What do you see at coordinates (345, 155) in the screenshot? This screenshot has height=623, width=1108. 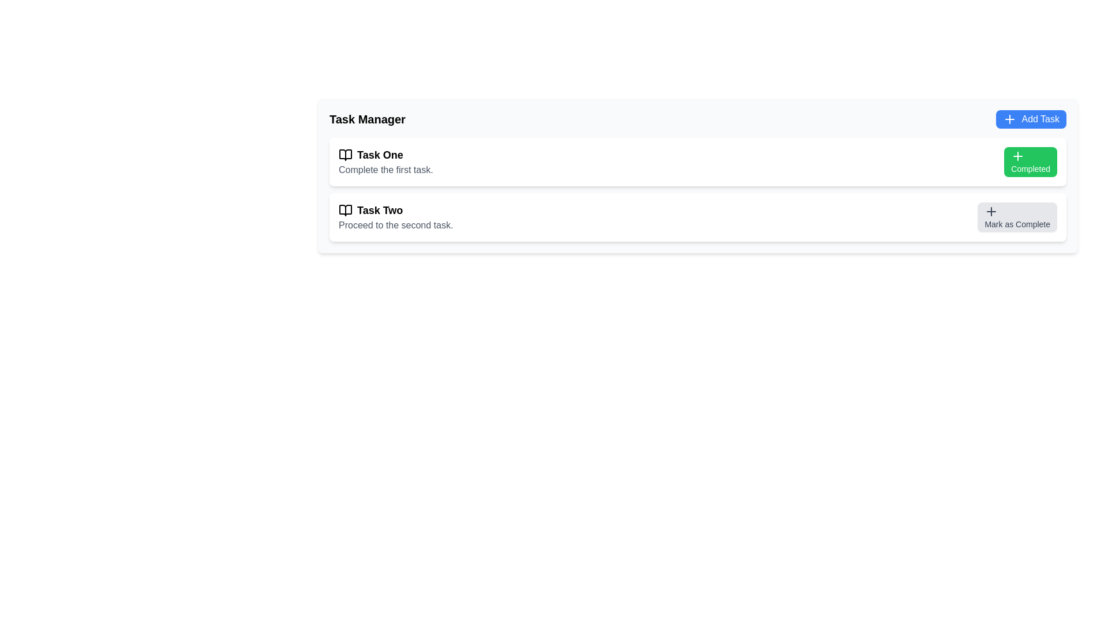 I see `the open book icon located to the left of the 'Task One' text in the task management interface` at bounding box center [345, 155].